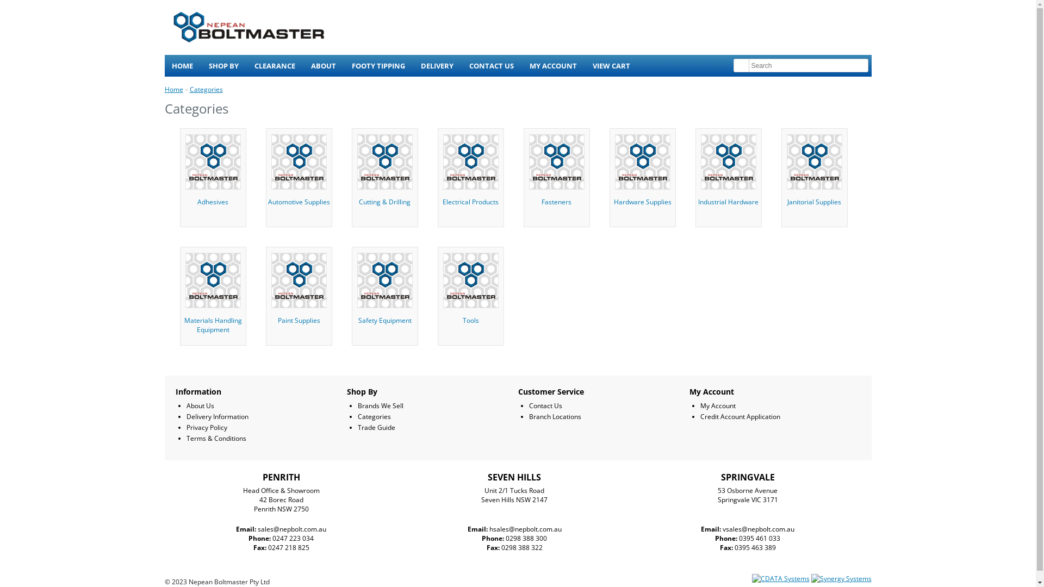  Describe the element at coordinates (172, 89) in the screenshot. I see `'Home'` at that location.